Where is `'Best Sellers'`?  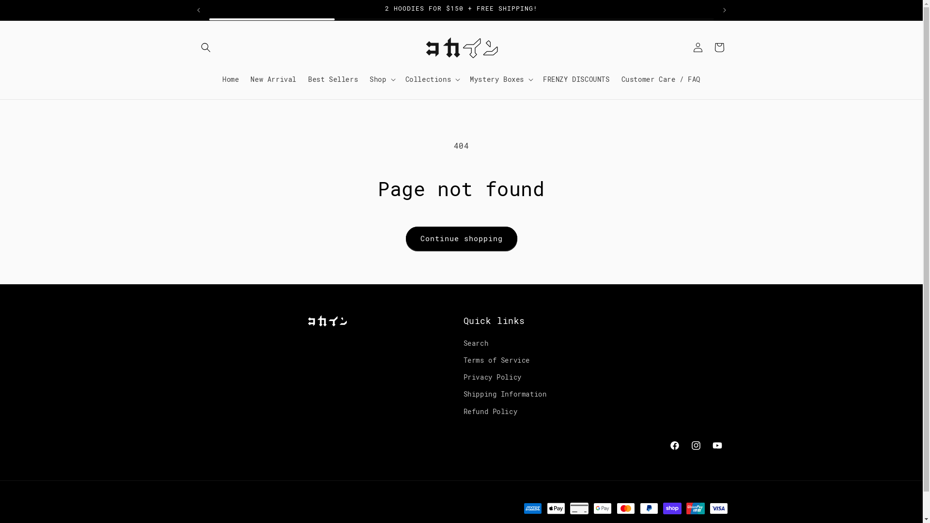 'Best Sellers' is located at coordinates (333, 78).